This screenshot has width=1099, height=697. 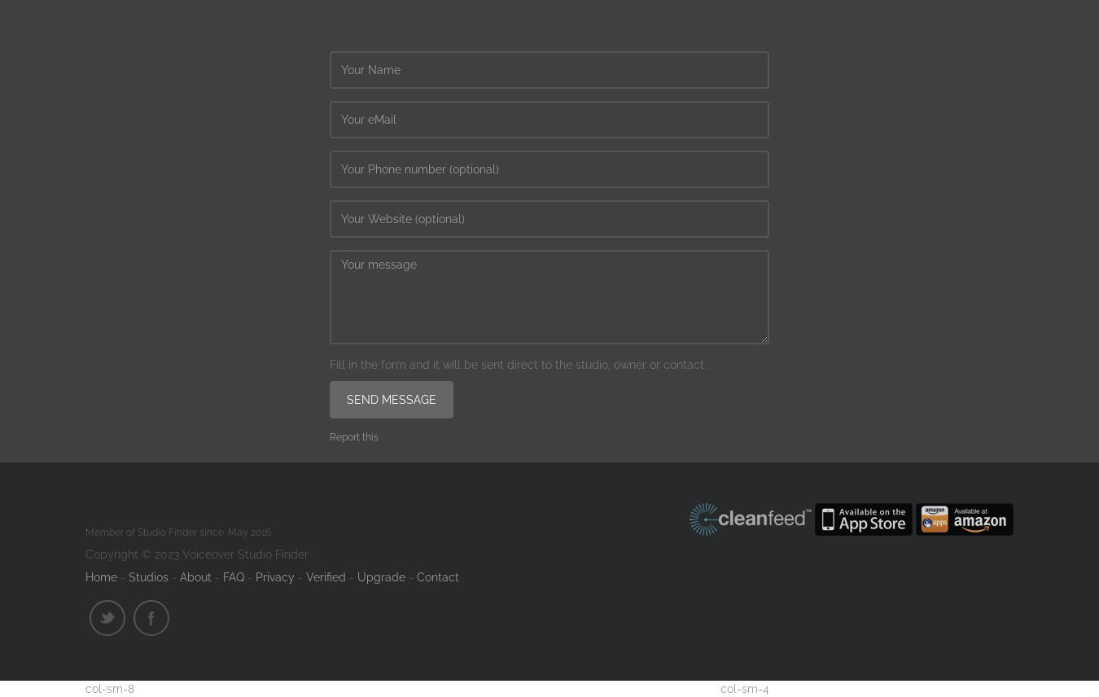 I want to click on 'Contact', so click(x=436, y=576).